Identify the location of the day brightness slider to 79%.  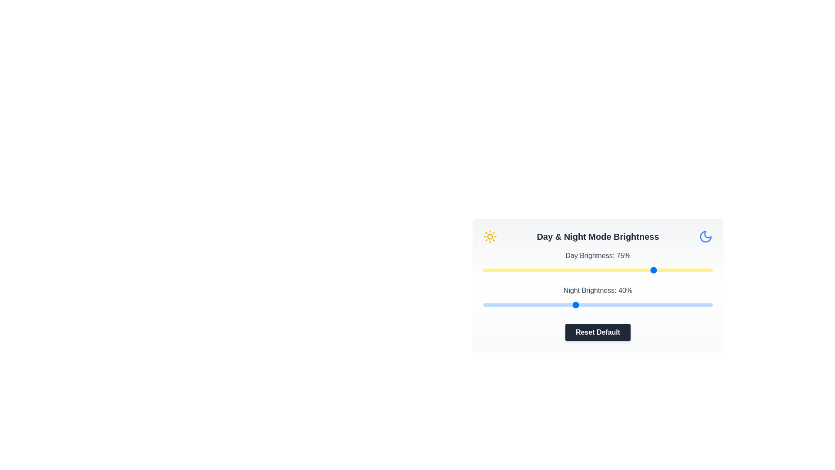
(664, 270).